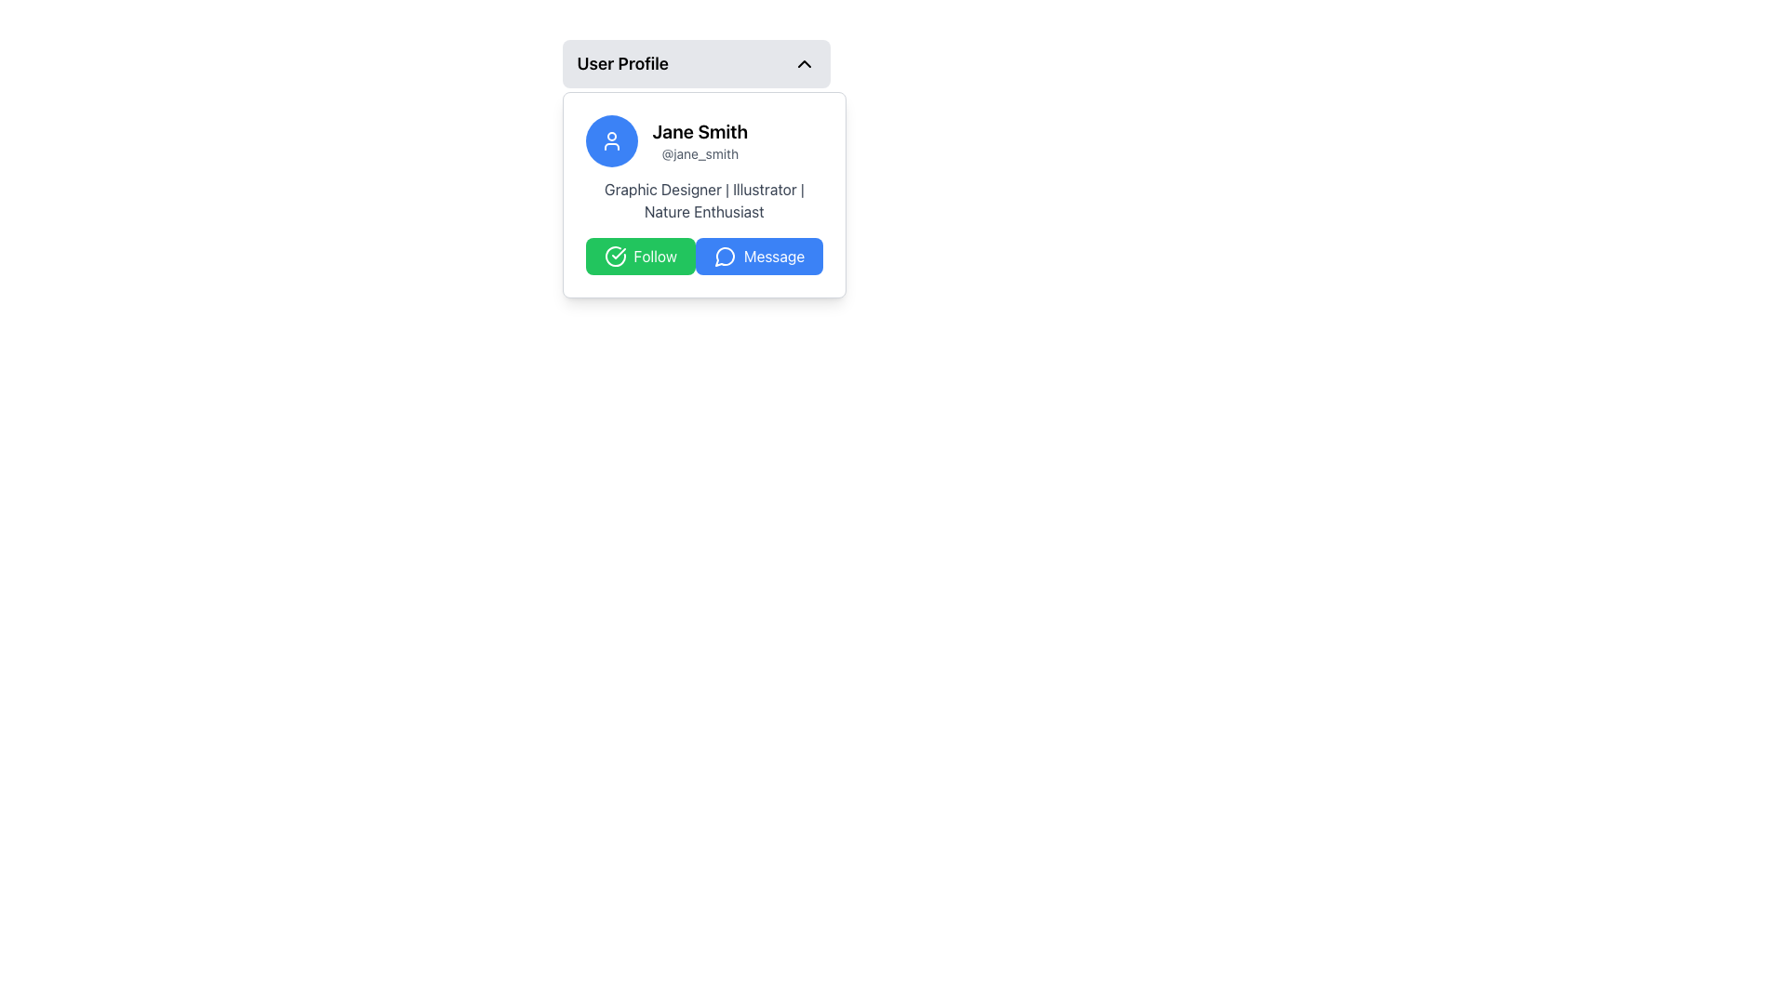 The height and width of the screenshot is (1004, 1786). I want to click on the user profile icon located within the blue circular area at the top left corner of the user profile card, which is slightly above the text displaying the user’s name and description, so click(611, 139).